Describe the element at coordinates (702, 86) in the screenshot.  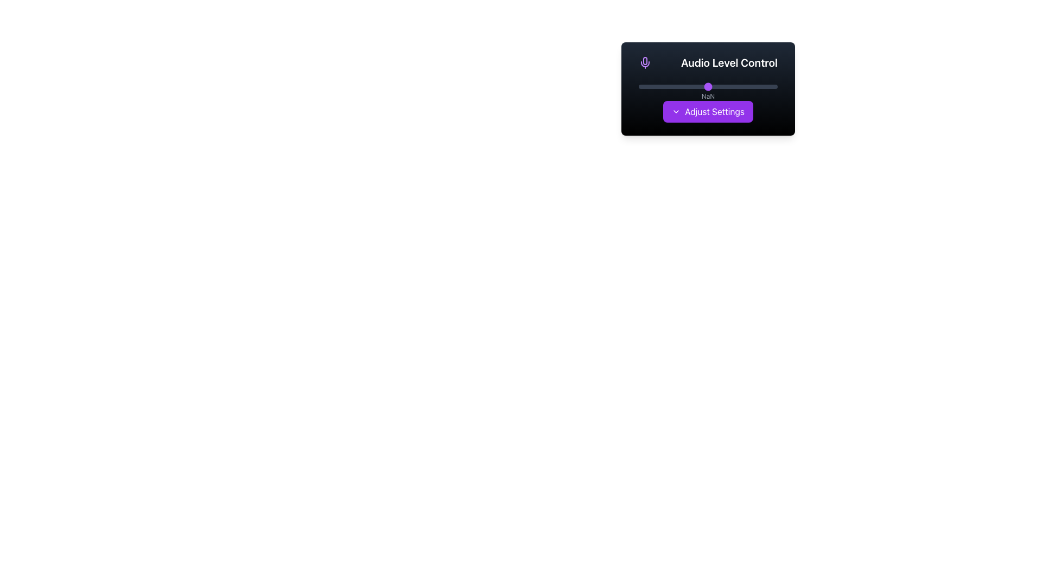
I see `the slider value` at that location.